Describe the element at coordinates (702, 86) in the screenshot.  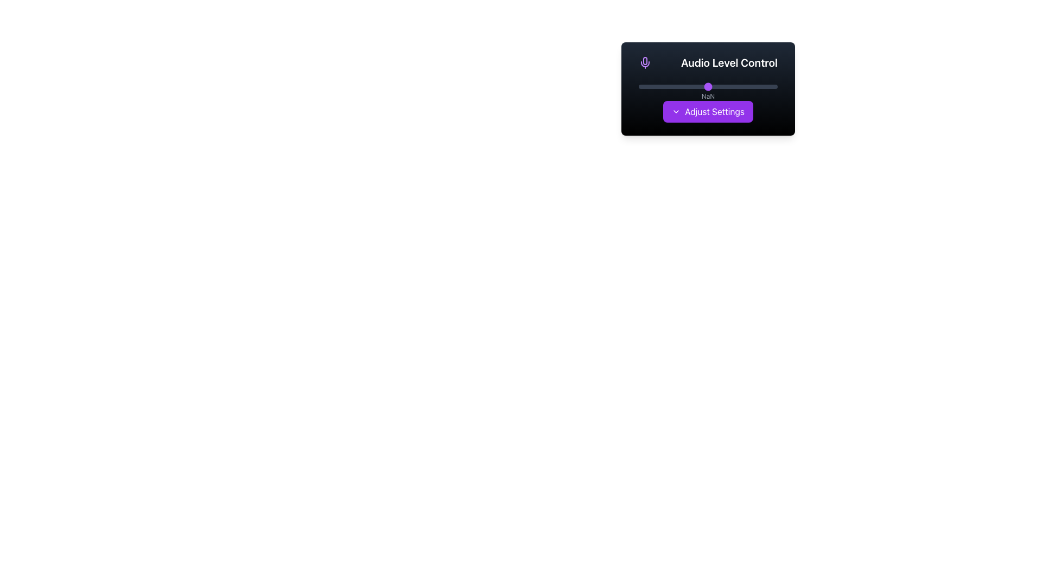
I see `the slider value` at that location.